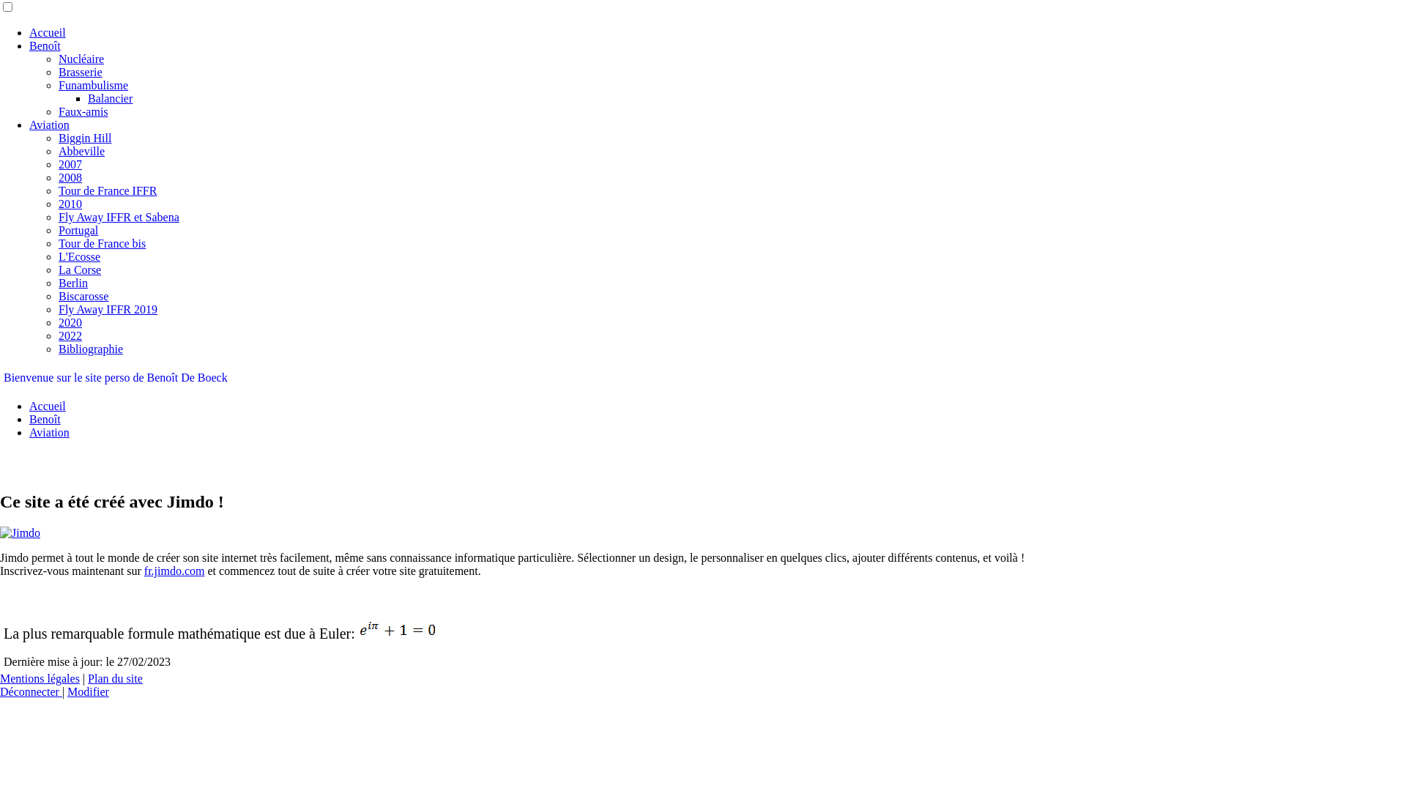 Image resolution: width=1406 pixels, height=791 pixels. Describe the element at coordinates (70, 204) in the screenshot. I see `'2010'` at that location.